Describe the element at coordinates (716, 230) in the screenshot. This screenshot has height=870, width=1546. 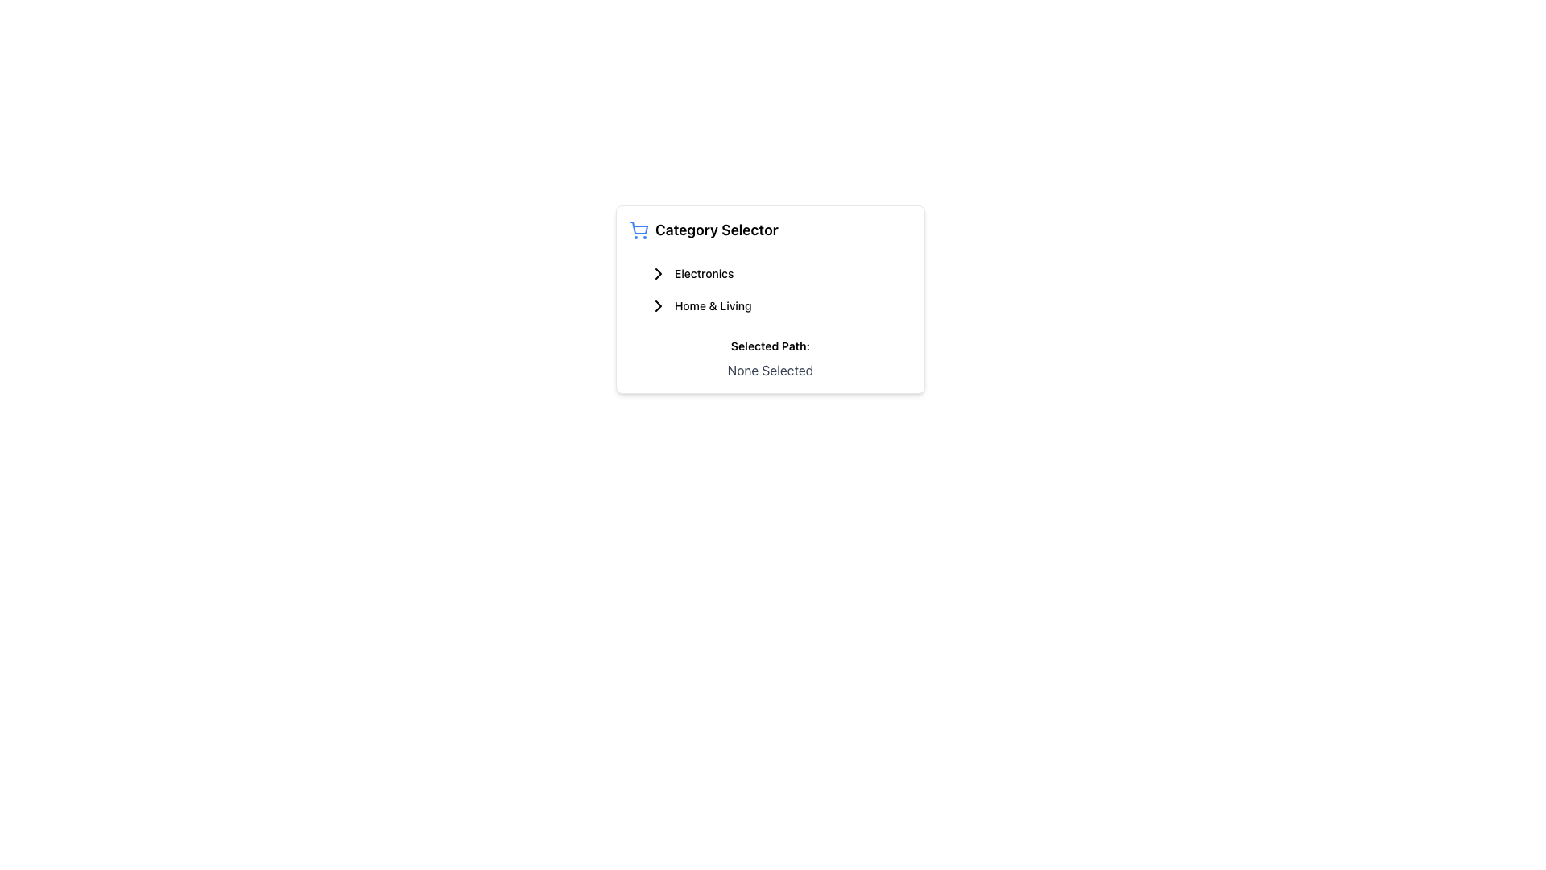
I see `the 'Category Selector' text label, which is styled with a large bold font and positioned to the right of a blue shopping cart icon at the top of a card-like interface` at that location.